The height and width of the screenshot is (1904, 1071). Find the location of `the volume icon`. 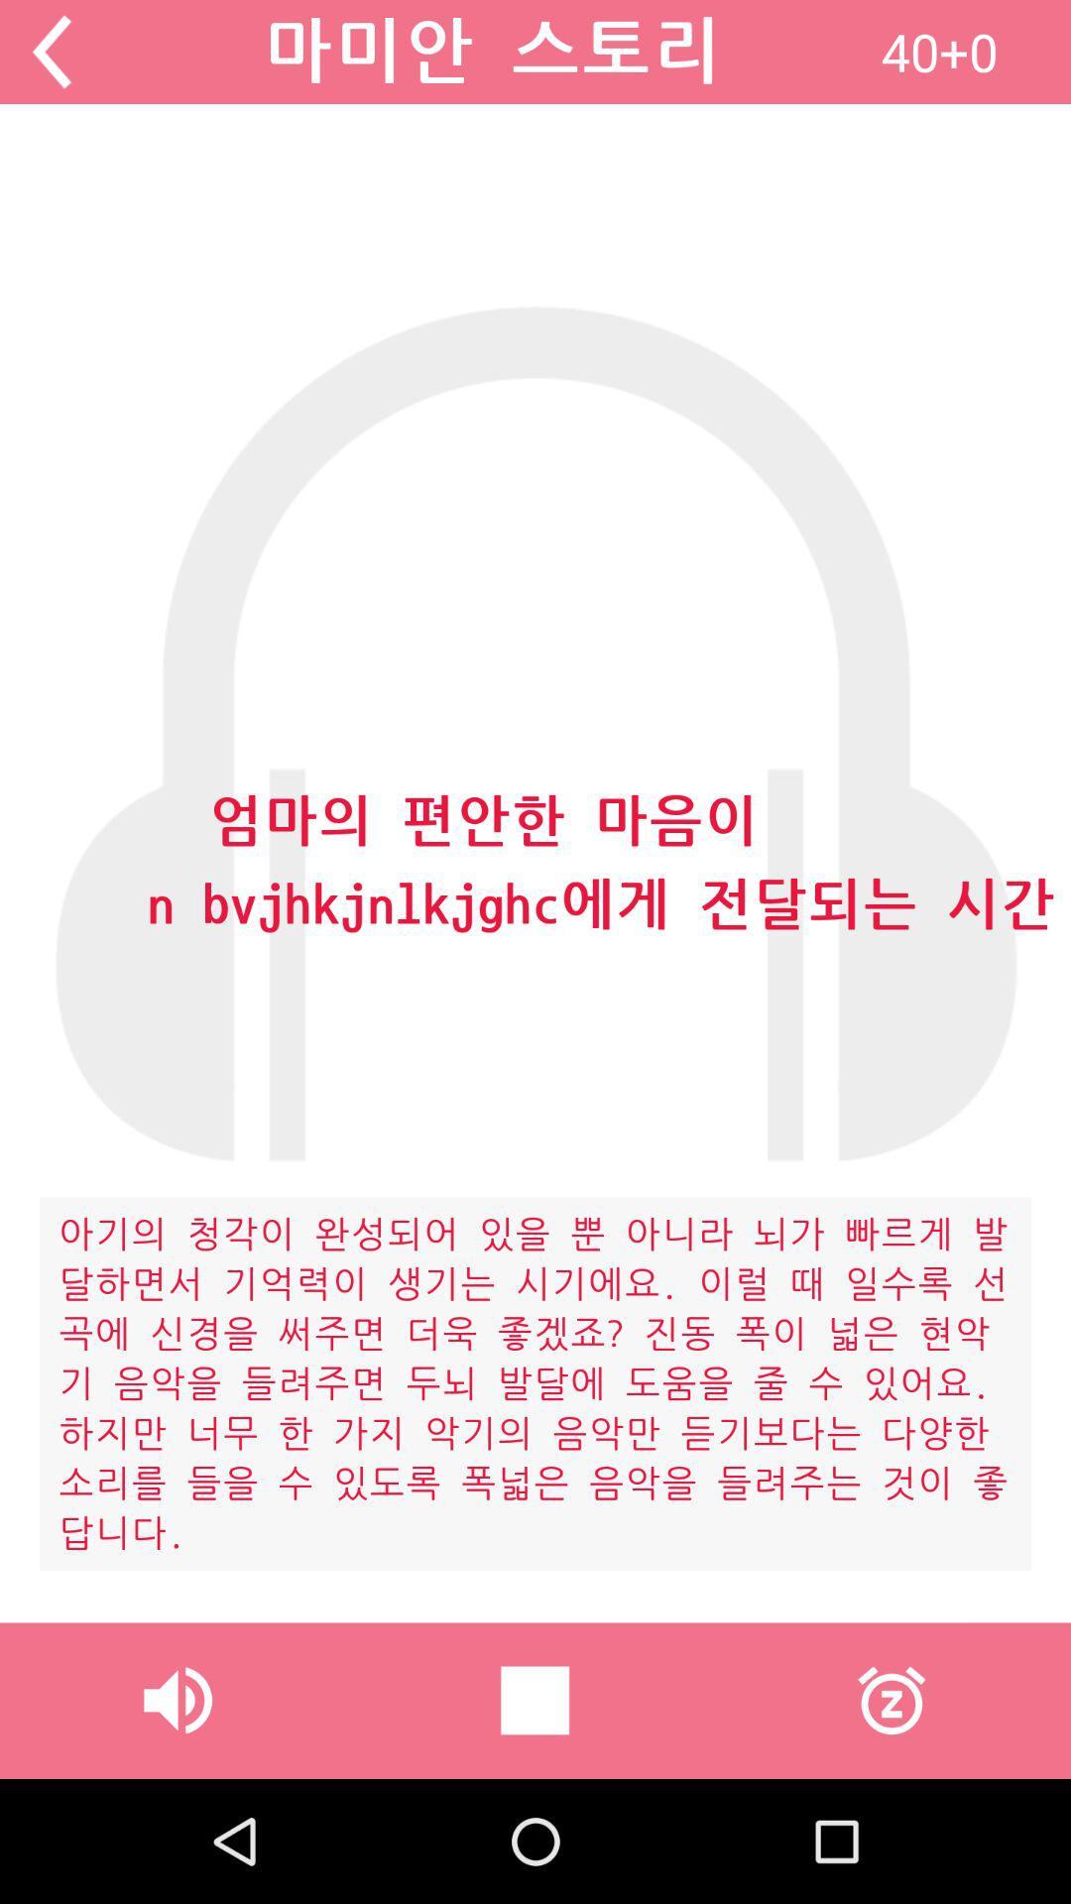

the volume icon is located at coordinates (177, 1820).